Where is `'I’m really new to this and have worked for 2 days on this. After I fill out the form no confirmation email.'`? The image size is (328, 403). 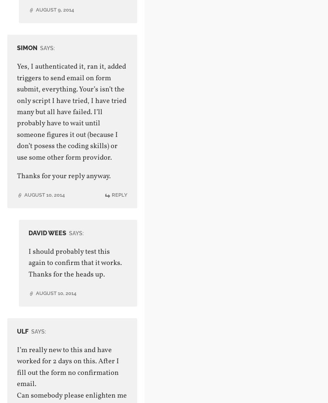 'I’m really new to this and have worked for 2 days on this. After I fill out the form no confirmation email.' is located at coordinates (67, 366).